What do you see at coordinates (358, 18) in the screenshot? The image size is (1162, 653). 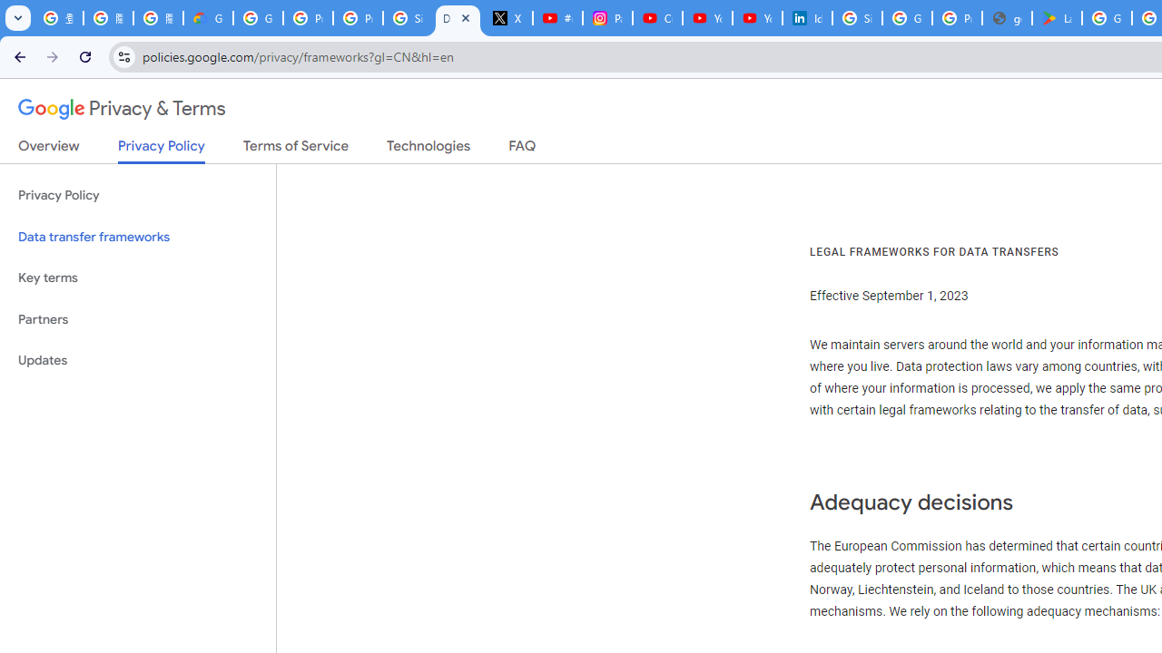 I see `'Privacy Help Center - Policies Help'` at bounding box center [358, 18].